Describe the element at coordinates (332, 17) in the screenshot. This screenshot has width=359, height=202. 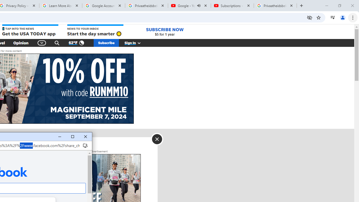
I see `'Control your music, videos, and more'` at that location.